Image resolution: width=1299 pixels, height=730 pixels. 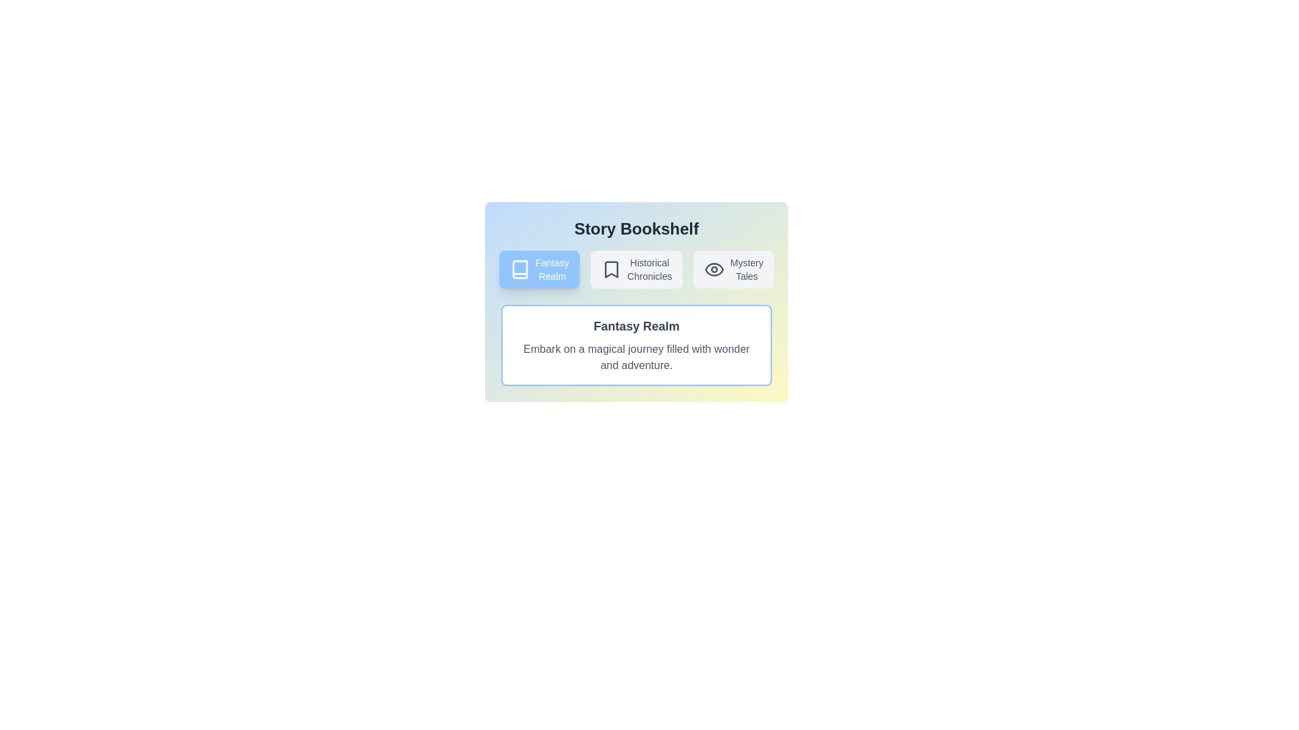 What do you see at coordinates (733, 269) in the screenshot?
I see `the story tab labeled Mystery Tales to view its details` at bounding box center [733, 269].